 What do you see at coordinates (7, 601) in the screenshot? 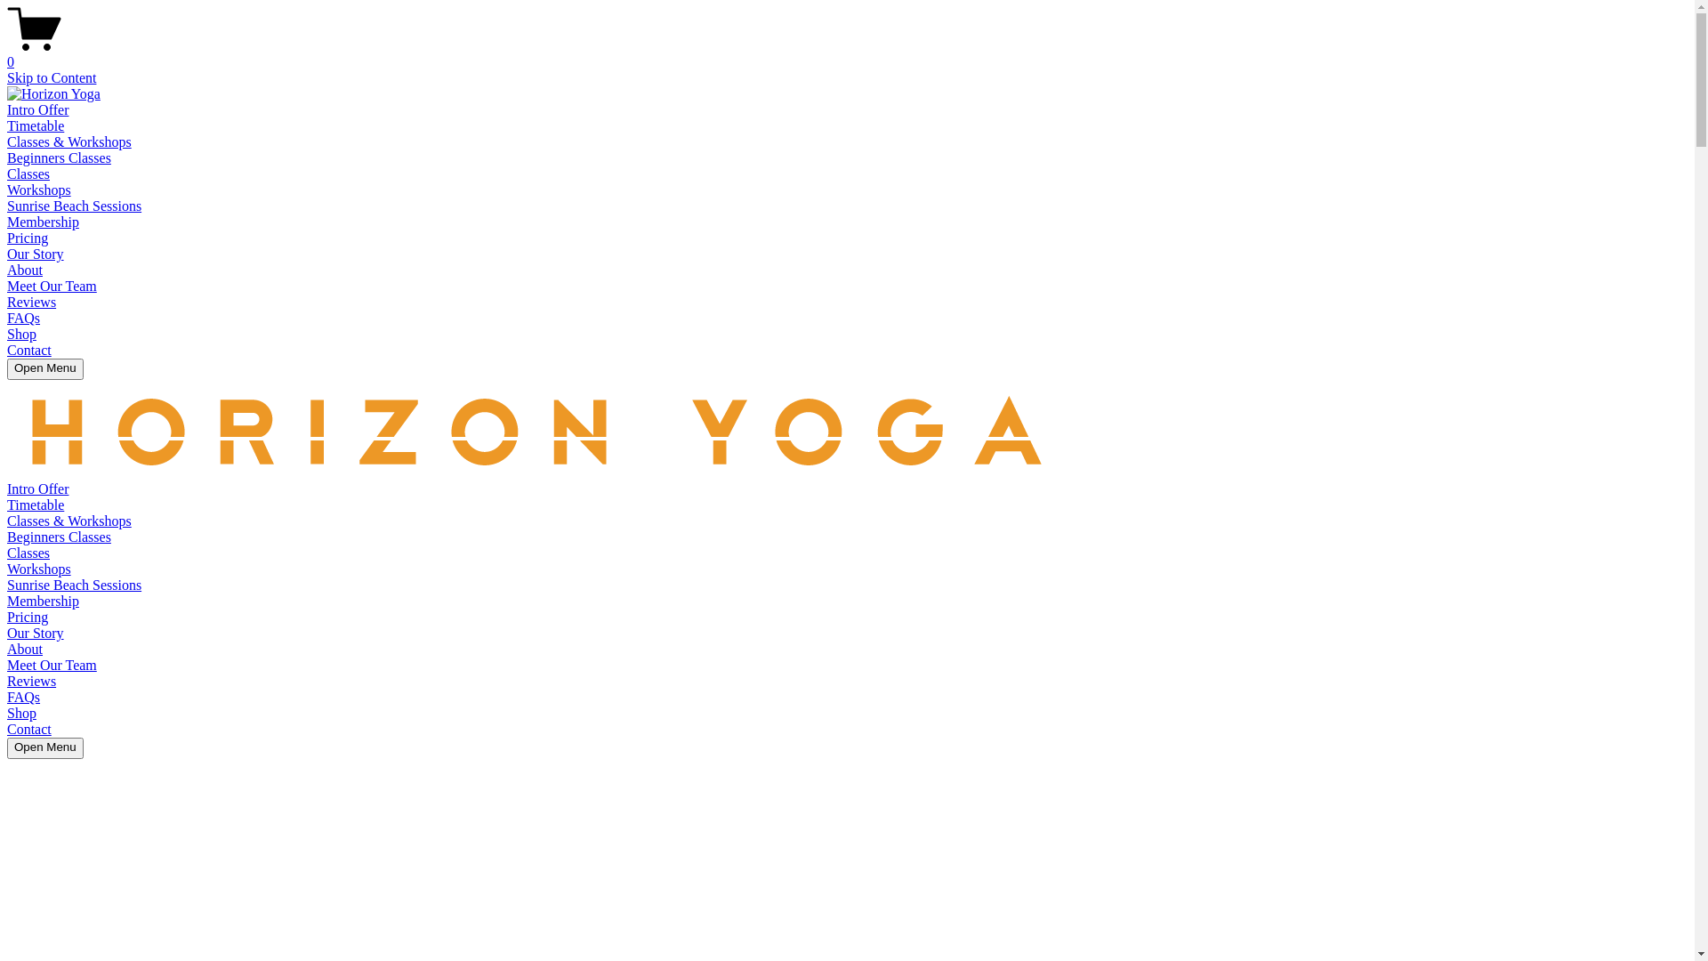
I see `'Membership'` at bounding box center [7, 601].